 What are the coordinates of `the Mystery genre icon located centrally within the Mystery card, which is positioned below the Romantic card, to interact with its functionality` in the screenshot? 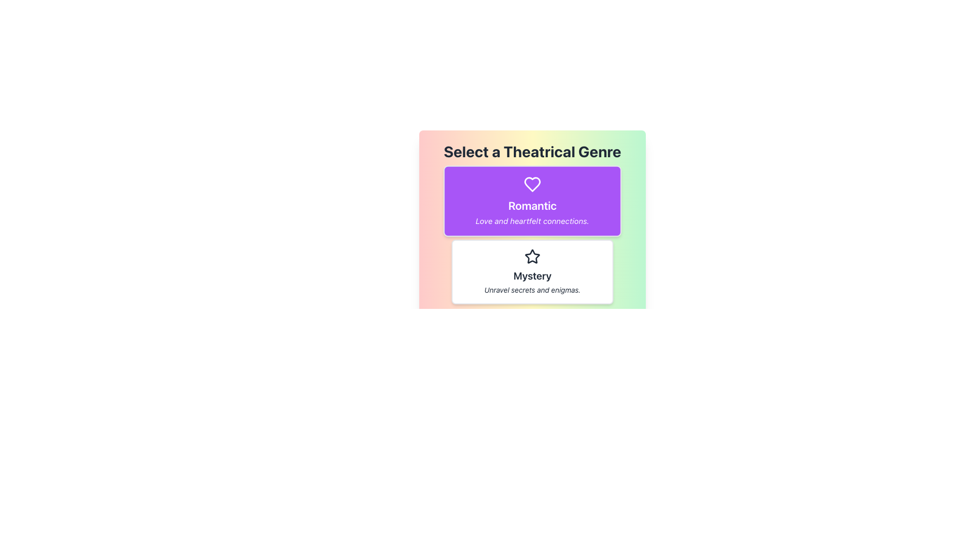 It's located at (532, 256).